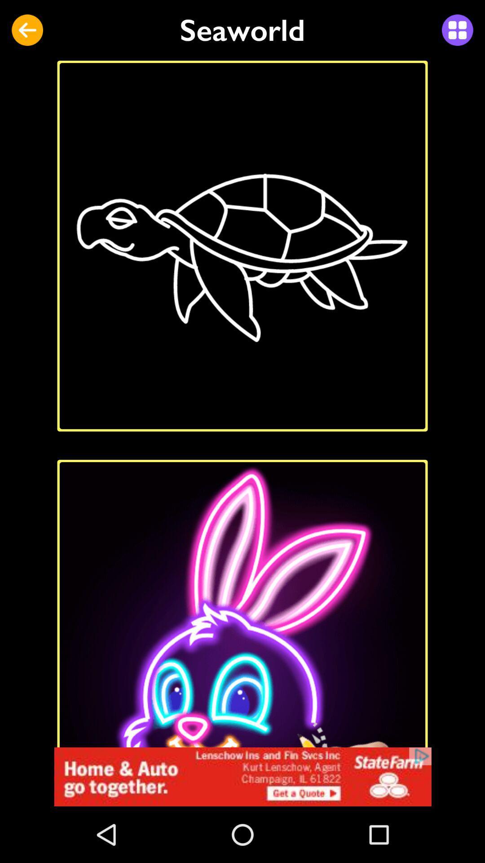  What do you see at coordinates (457, 30) in the screenshot?
I see `icon at the top right corner` at bounding box center [457, 30].